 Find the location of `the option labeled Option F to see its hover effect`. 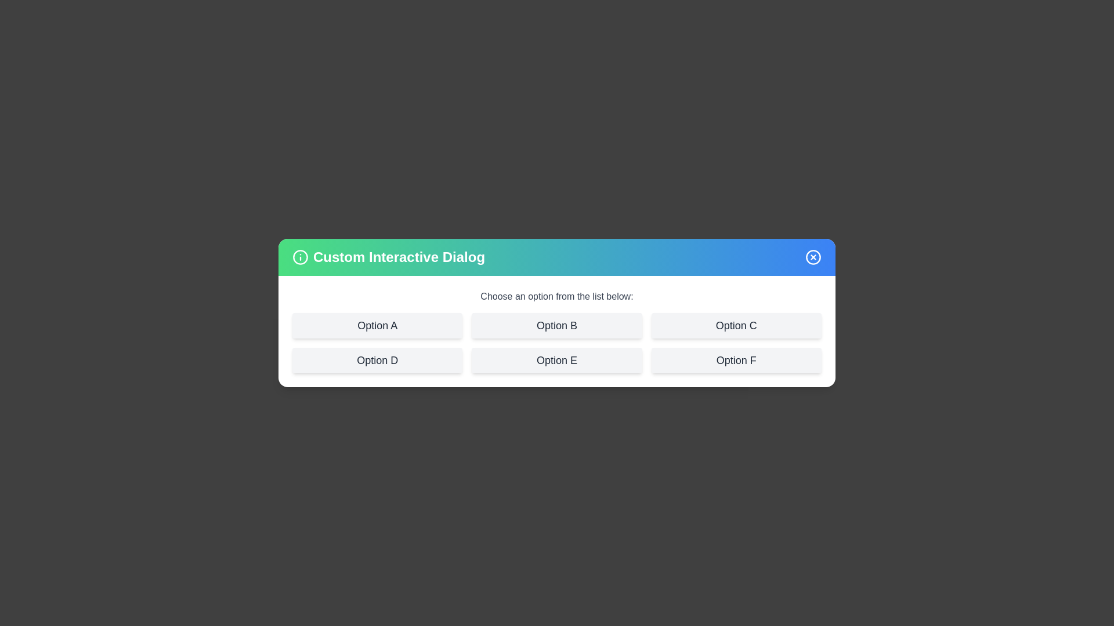

the option labeled Option F to see its hover effect is located at coordinates (736, 359).